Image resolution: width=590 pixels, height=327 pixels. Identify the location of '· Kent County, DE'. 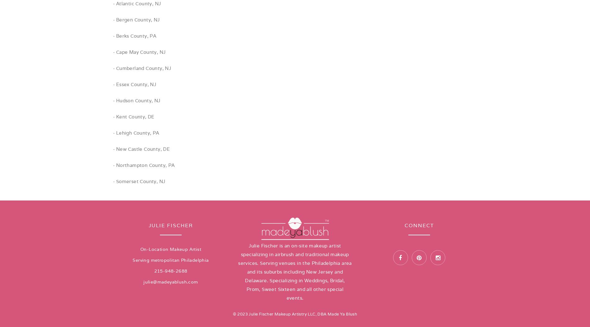
(133, 117).